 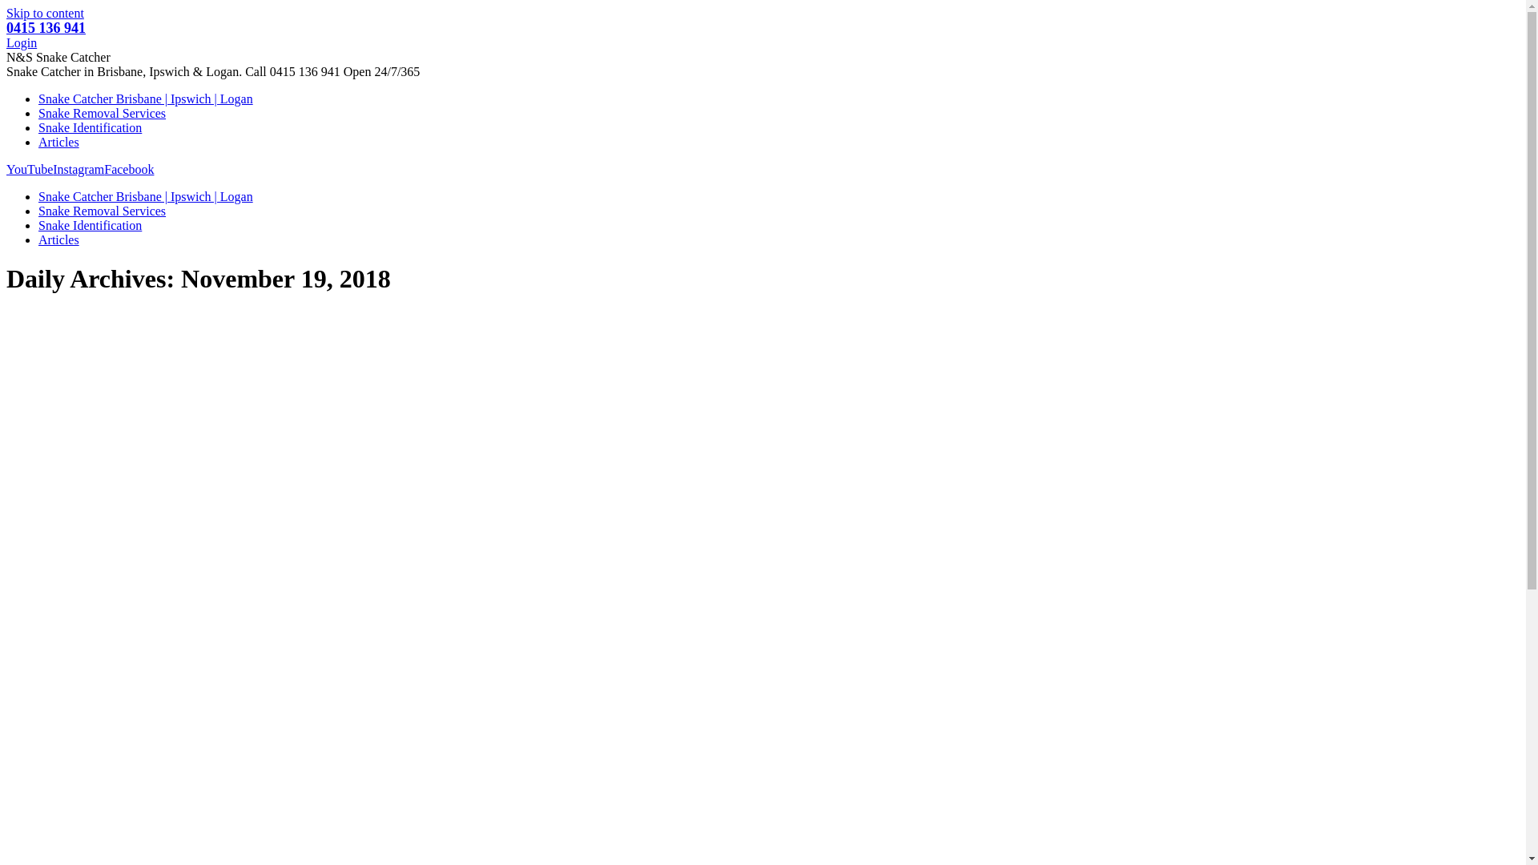 What do you see at coordinates (38, 112) in the screenshot?
I see `'Snake Removal Services'` at bounding box center [38, 112].